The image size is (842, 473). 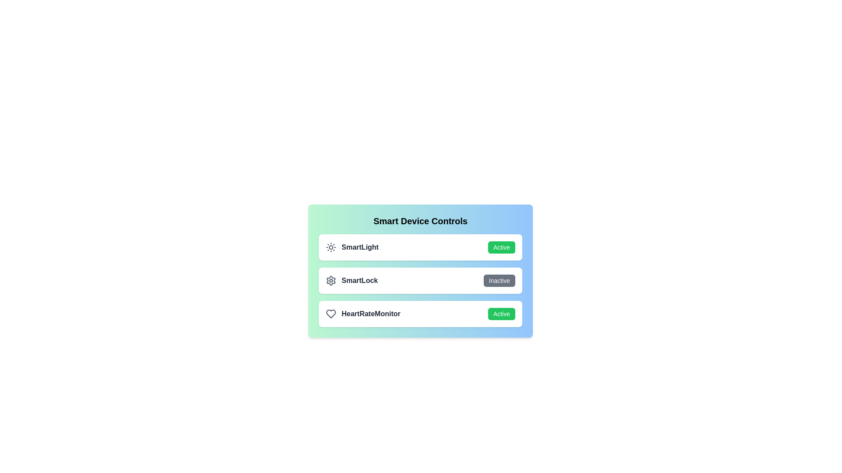 What do you see at coordinates (420, 280) in the screenshot?
I see `the list item SmartLock to observe the hover effect` at bounding box center [420, 280].